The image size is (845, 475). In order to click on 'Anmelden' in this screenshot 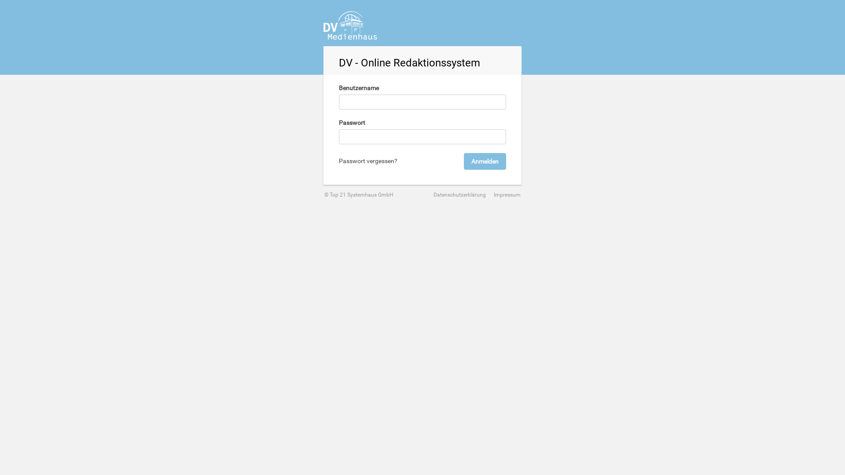, I will do `click(485, 161)`.